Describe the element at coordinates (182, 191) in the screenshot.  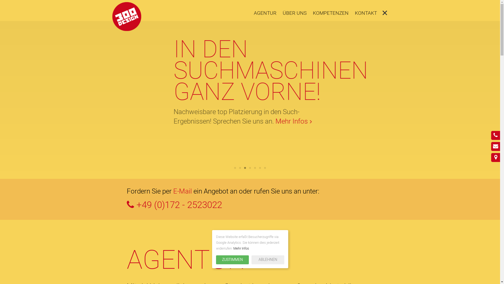
I see `'E-Mail'` at that location.